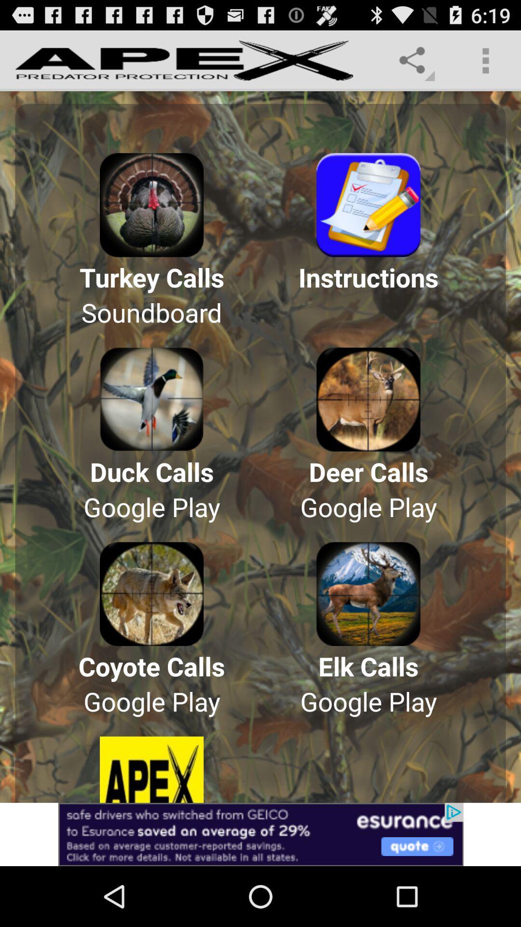 The image size is (521, 927). What do you see at coordinates (260, 834) in the screenshot?
I see `esurance advertisement` at bounding box center [260, 834].